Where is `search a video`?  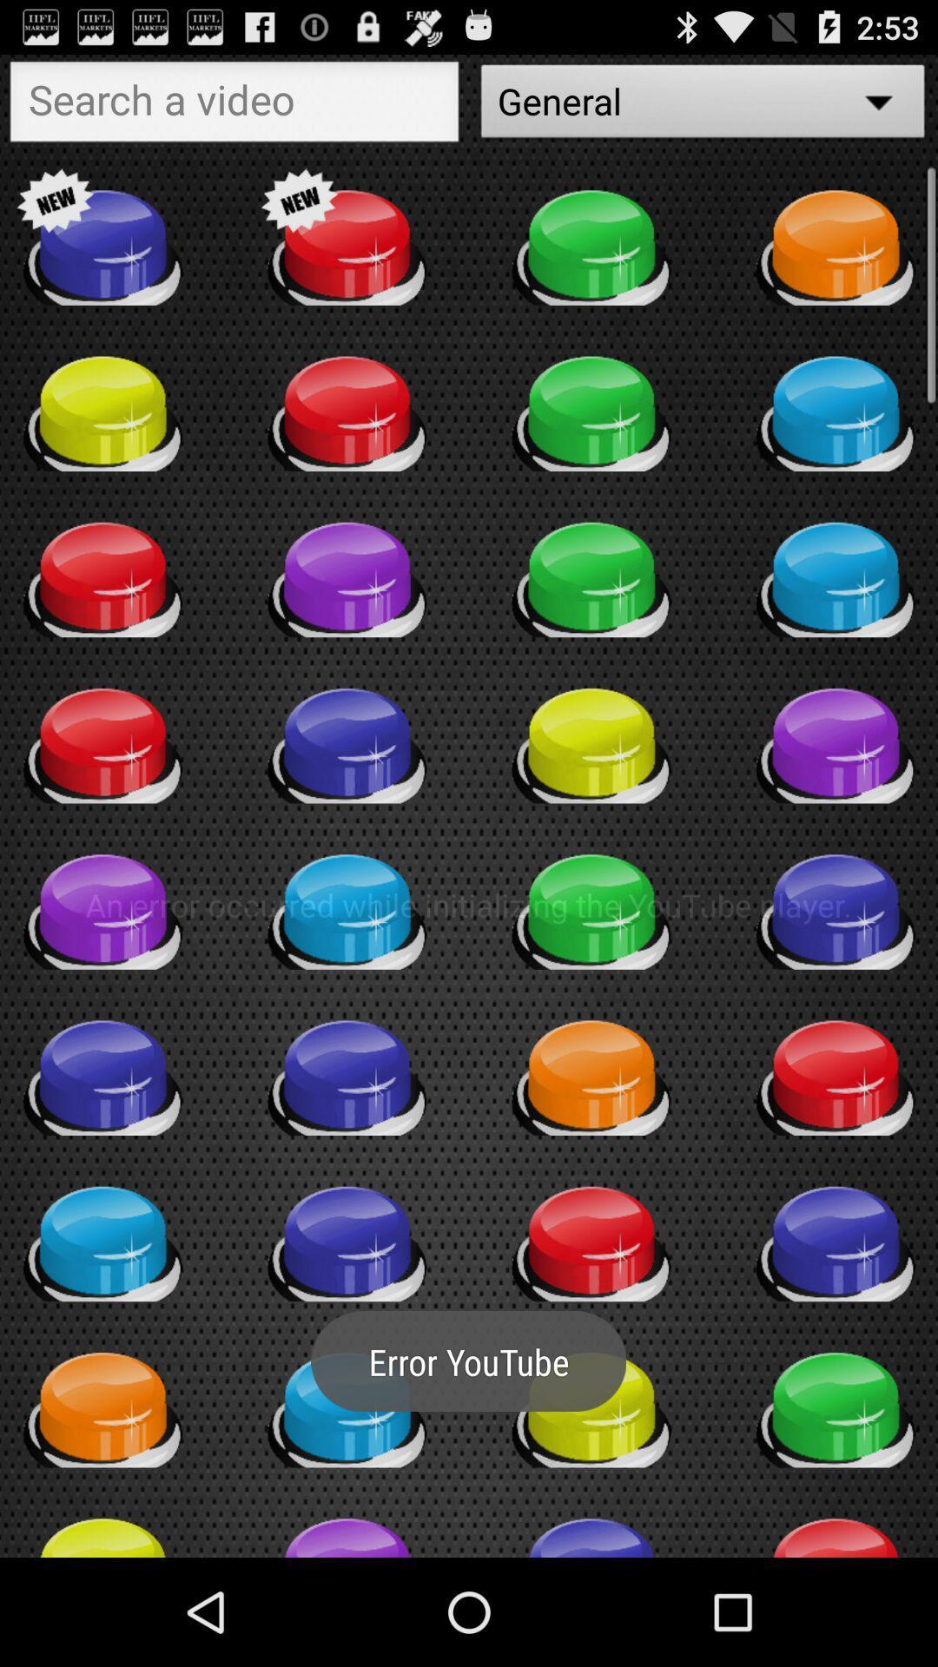
search a video is located at coordinates (234, 105).